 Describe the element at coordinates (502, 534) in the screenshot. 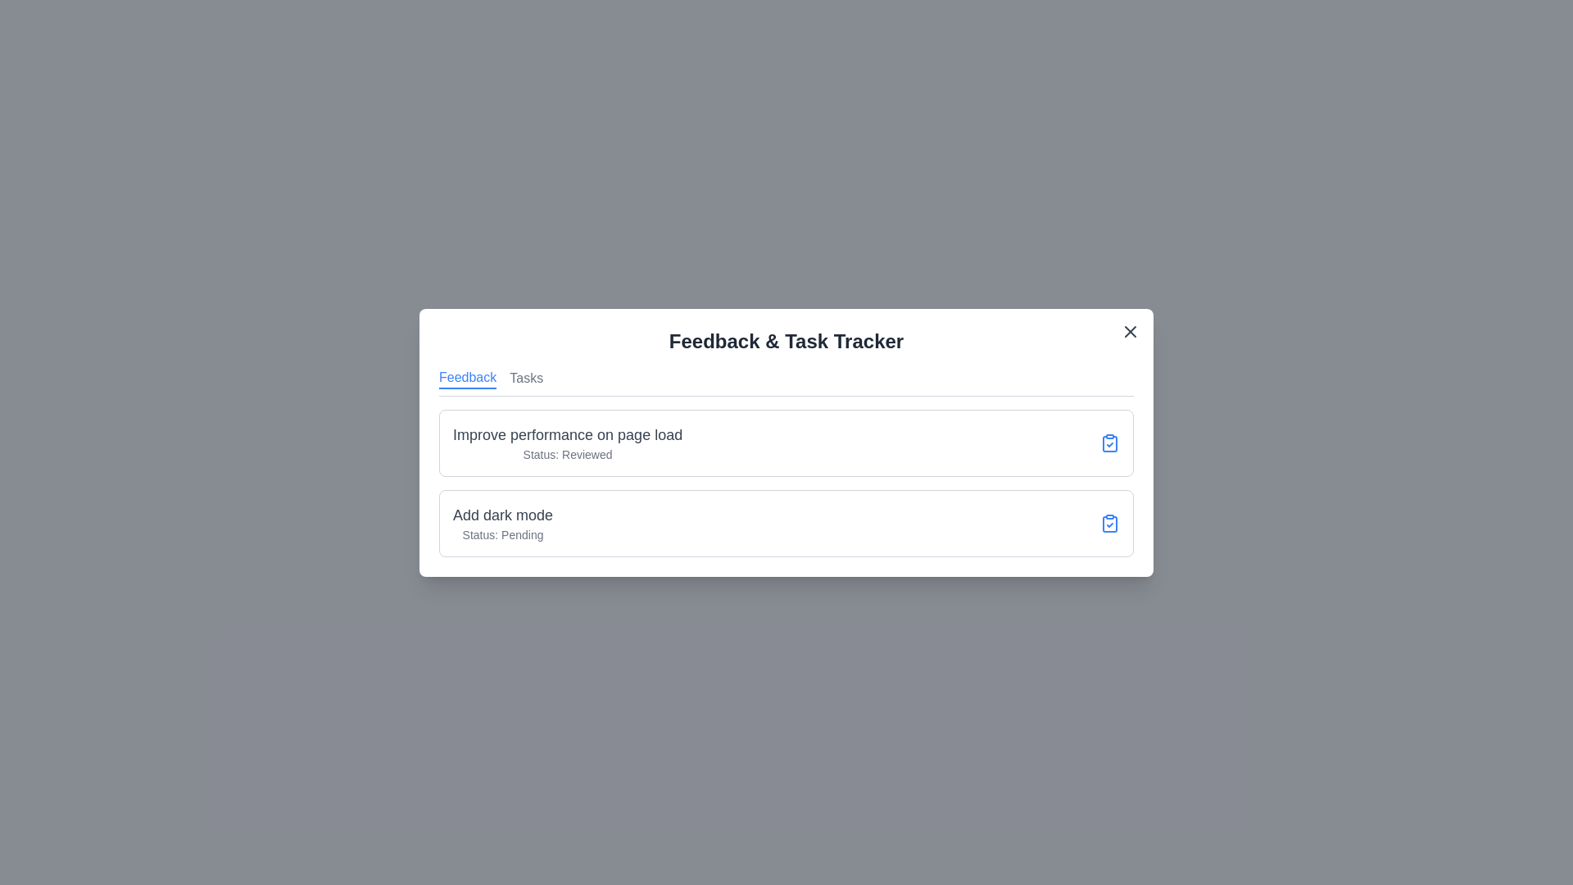

I see `the text label displaying 'Status: Pending', which is styled in a small gray font and located beneath 'Add dark mode' in the Feedback & Task Tracker interface` at that location.